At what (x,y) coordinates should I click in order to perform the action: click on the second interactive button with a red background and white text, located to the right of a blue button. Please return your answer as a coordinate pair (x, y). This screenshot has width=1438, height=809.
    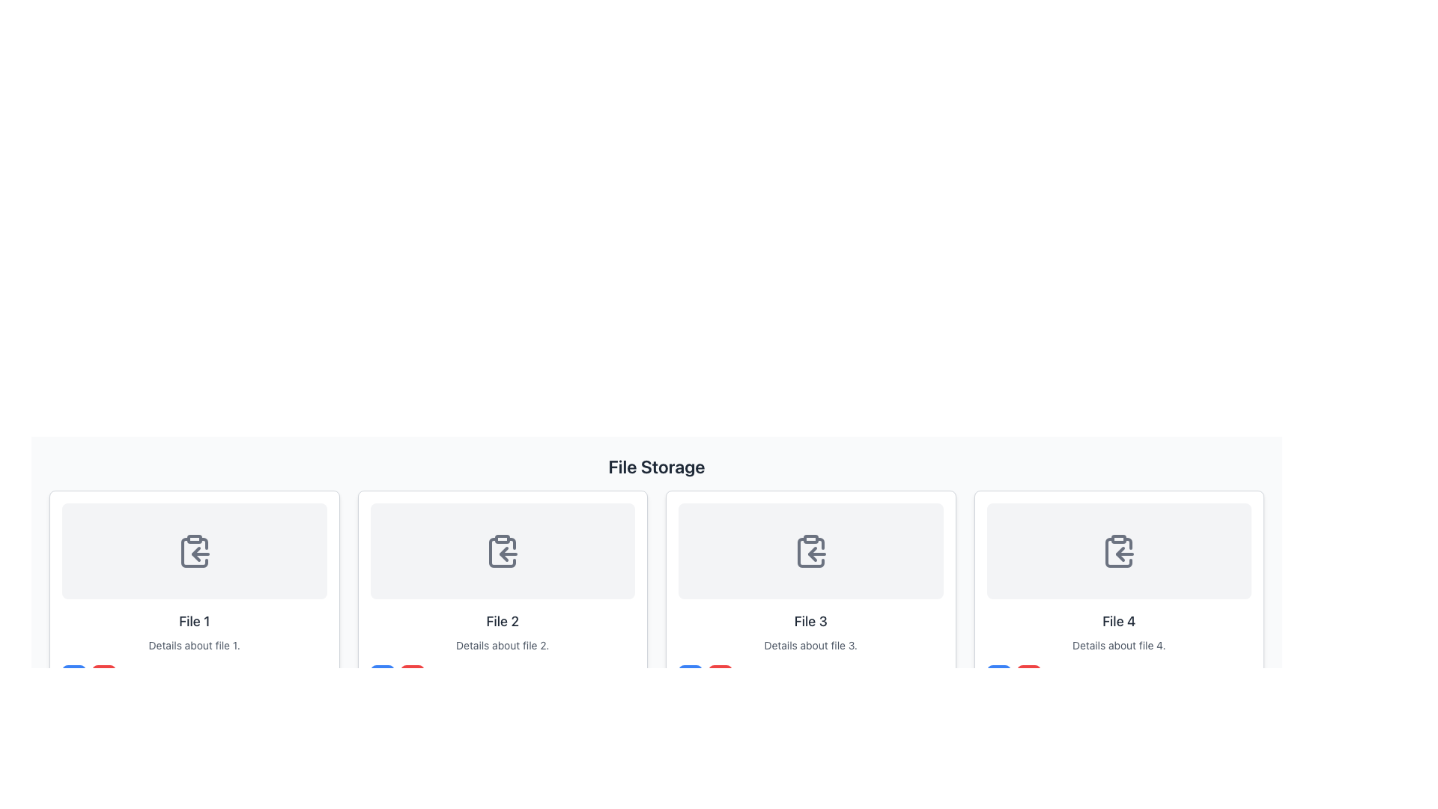
    Looking at the image, I should click on (103, 676).